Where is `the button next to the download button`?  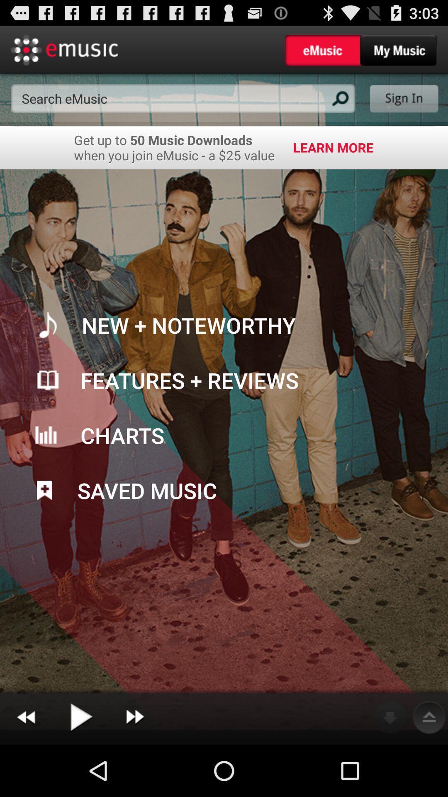 the button next to the download button is located at coordinates (429, 717).